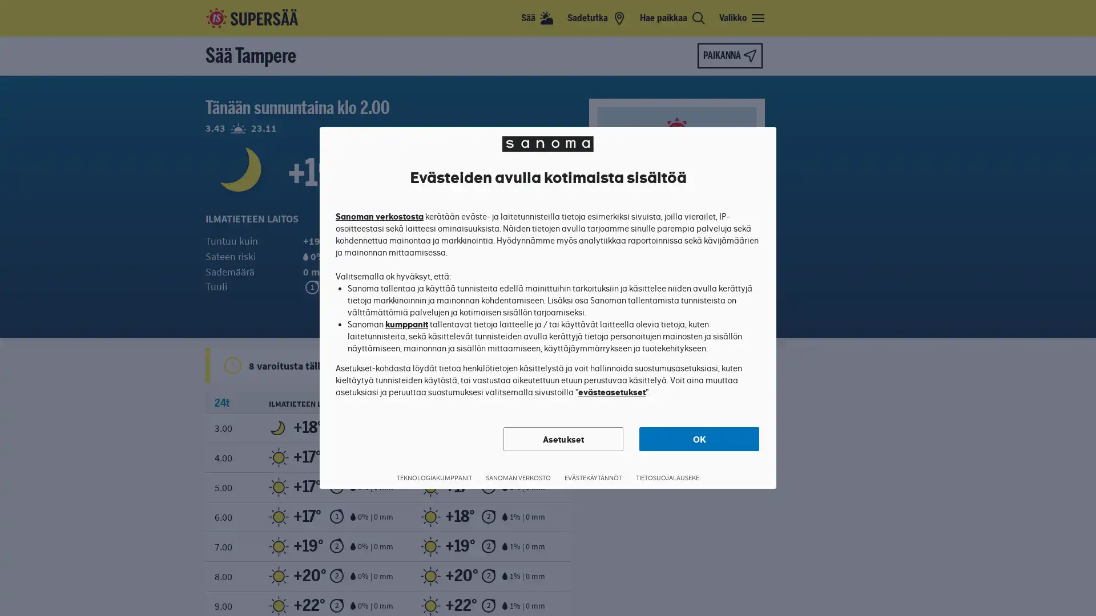 Image resolution: width=1096 pixels, height=616 pixels. What do you see at coordinates (672, 18) in the screenshot?
I see `Hae paikkaa` at bounding box center [672, 18].